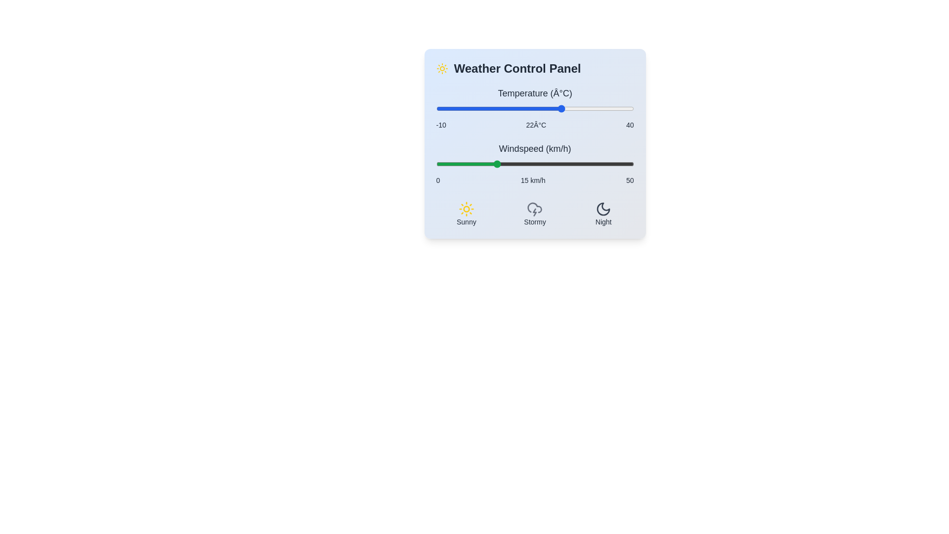  What do you see at coordinates (582, 108) in the screenshot?
I see `the Temperature slider` at bounding box center [582, 108].